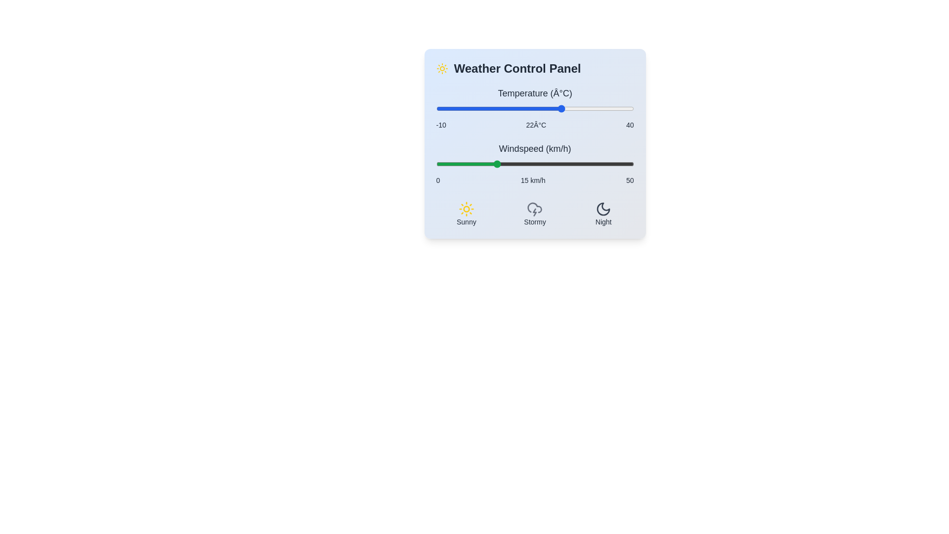  What do you see at coordinates (582, 108) in the screenshot?
I see `the Temperature slider` at bounding box center [582, 108].